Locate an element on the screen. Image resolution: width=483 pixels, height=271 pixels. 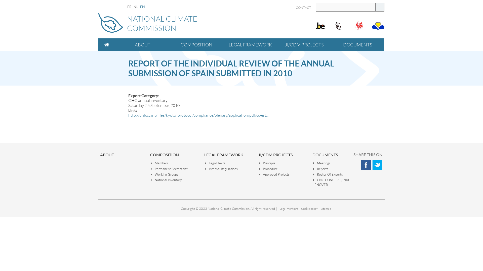
'Legal Texts' is located at coordinates (215, 163).